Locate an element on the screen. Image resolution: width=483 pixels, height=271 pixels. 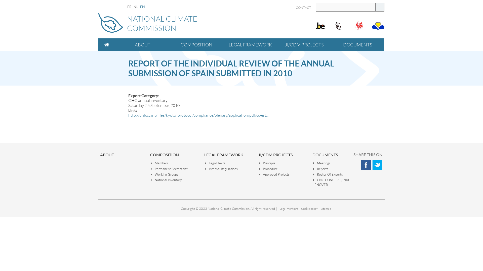
'Legal Texts' is located at coordinates (215, 163).